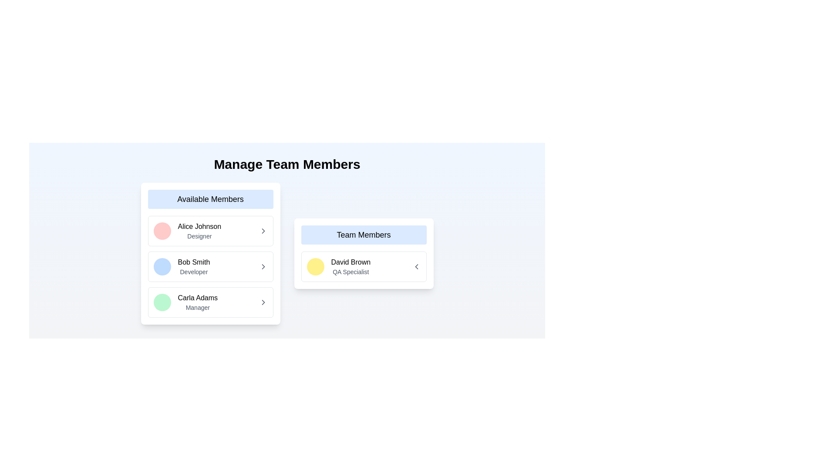 Image resolution: width=836 pixels, height=470 pixels. What do you see at coordinates (263, 266) in the screenshot?
I see `the Chevron-Right icon located on the right side of Bob Smith's user card in the Available Members section to trigger tooltip or visual feedback` at bounding box center [263, 266].